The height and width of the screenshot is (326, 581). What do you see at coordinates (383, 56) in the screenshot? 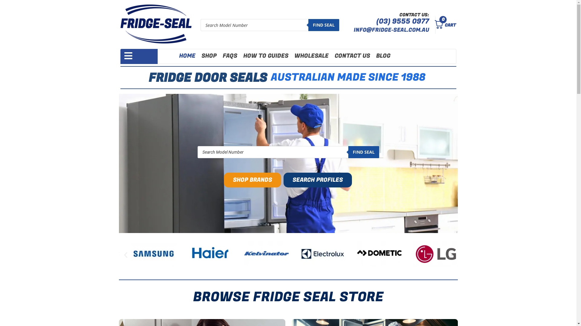
I see `'BLOG'` at bounding box center [383, 56].